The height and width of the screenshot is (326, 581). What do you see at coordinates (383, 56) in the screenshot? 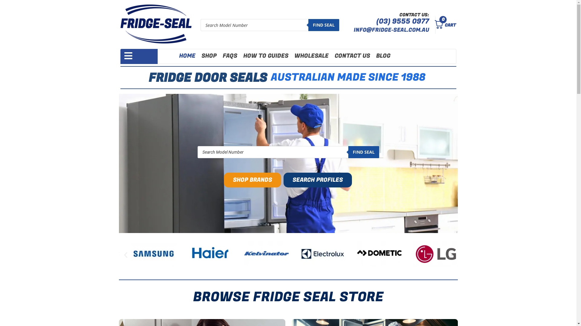
I see `'BLOG'` at bounding box center [383, 56].